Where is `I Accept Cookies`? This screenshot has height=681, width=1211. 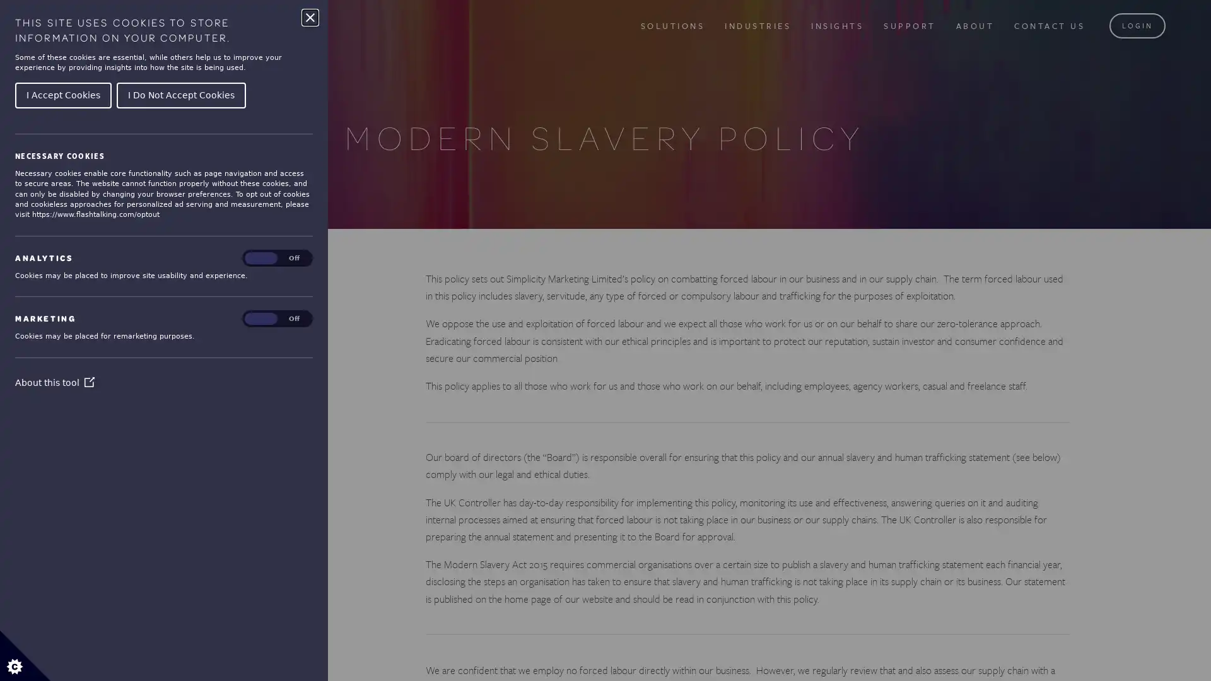
I Accept Cookies is located at coordinates (62, 94).